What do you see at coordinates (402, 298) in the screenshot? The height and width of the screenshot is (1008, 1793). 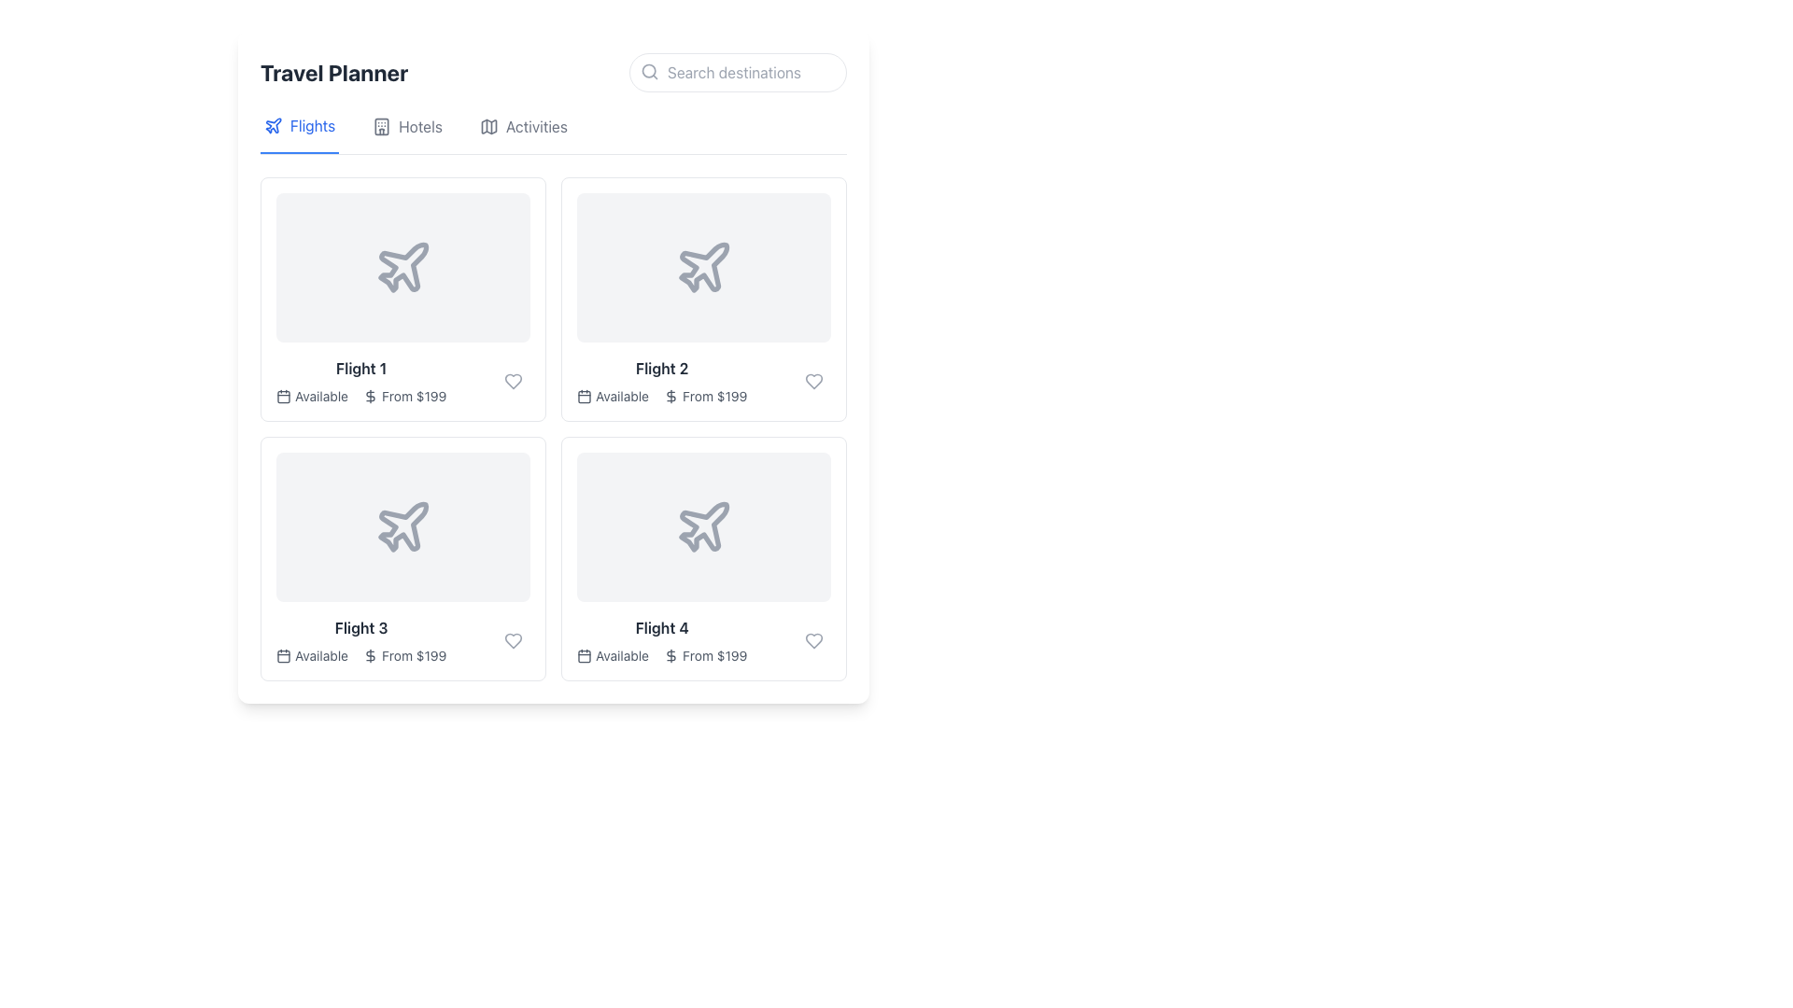 I see `the availability and pricing card for 'Flight 1', which is located in the first column of the first row of the grid layout, below the 'Travel Planner' header` at bounding box center [402, 298].